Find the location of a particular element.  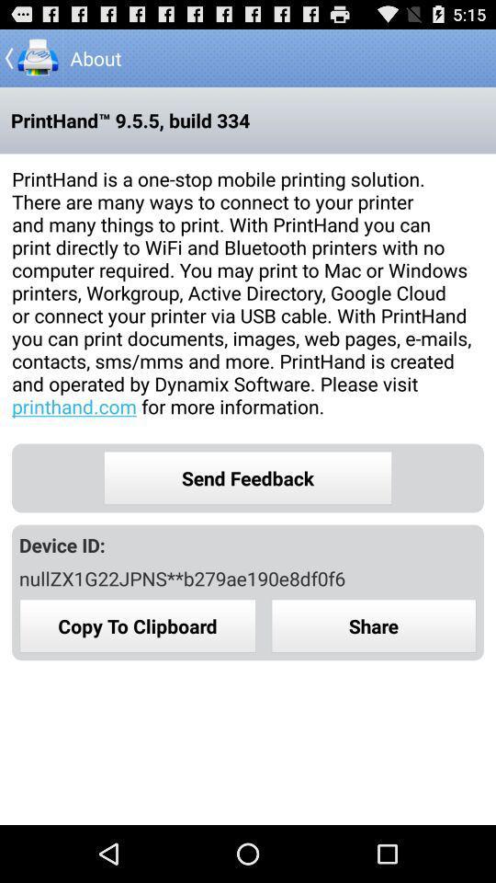

the item to the left of the share icon is located at coordinates (137, 625).